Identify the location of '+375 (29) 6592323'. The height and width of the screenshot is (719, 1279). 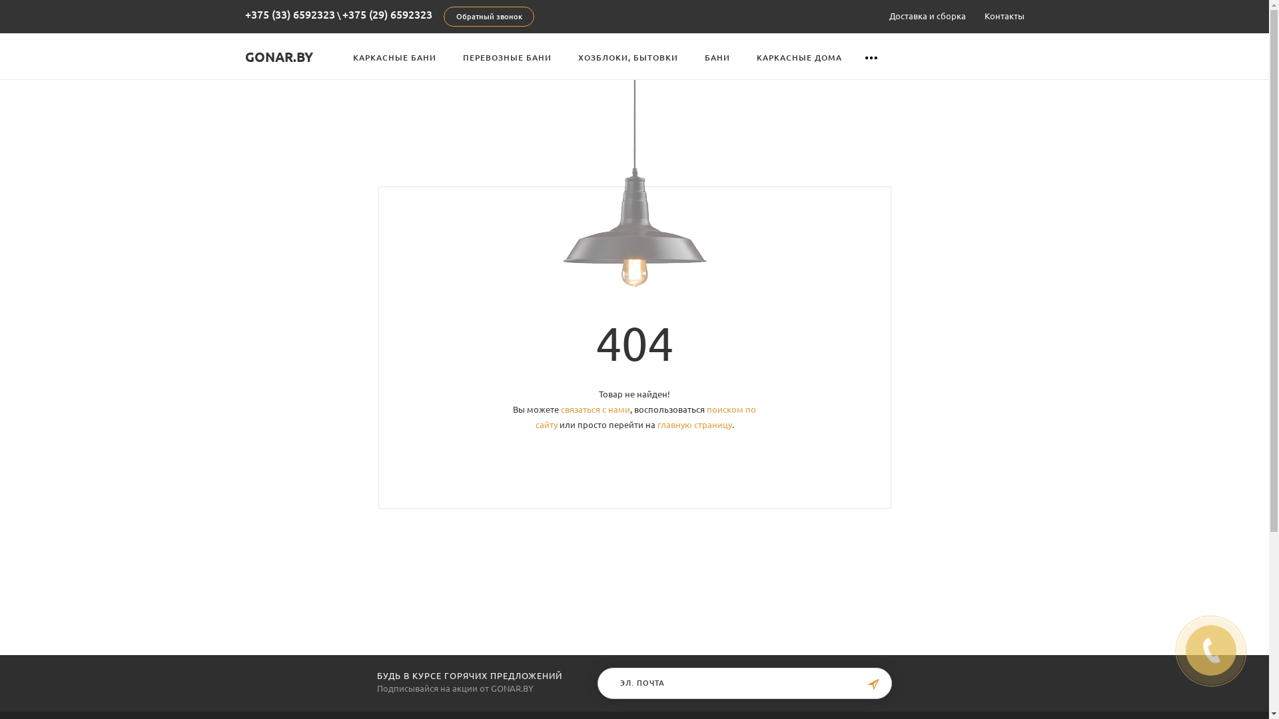
(342, 15).